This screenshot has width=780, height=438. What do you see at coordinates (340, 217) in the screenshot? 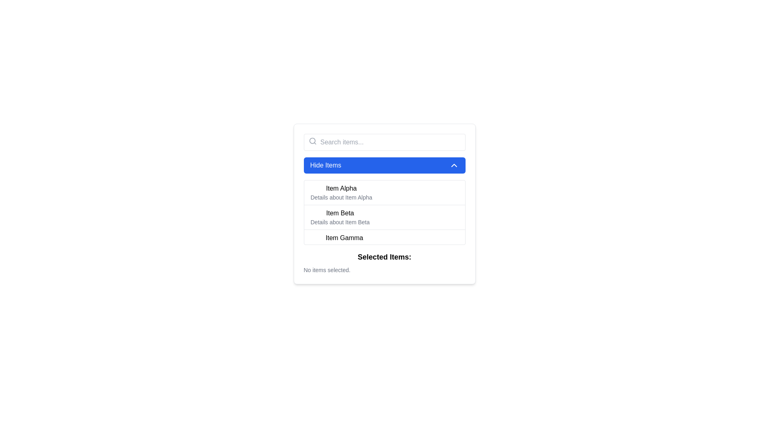
I see `the list item titled 'Item Beta' with the description 'Details about Item Beta'` at bounding box center [340, 217].